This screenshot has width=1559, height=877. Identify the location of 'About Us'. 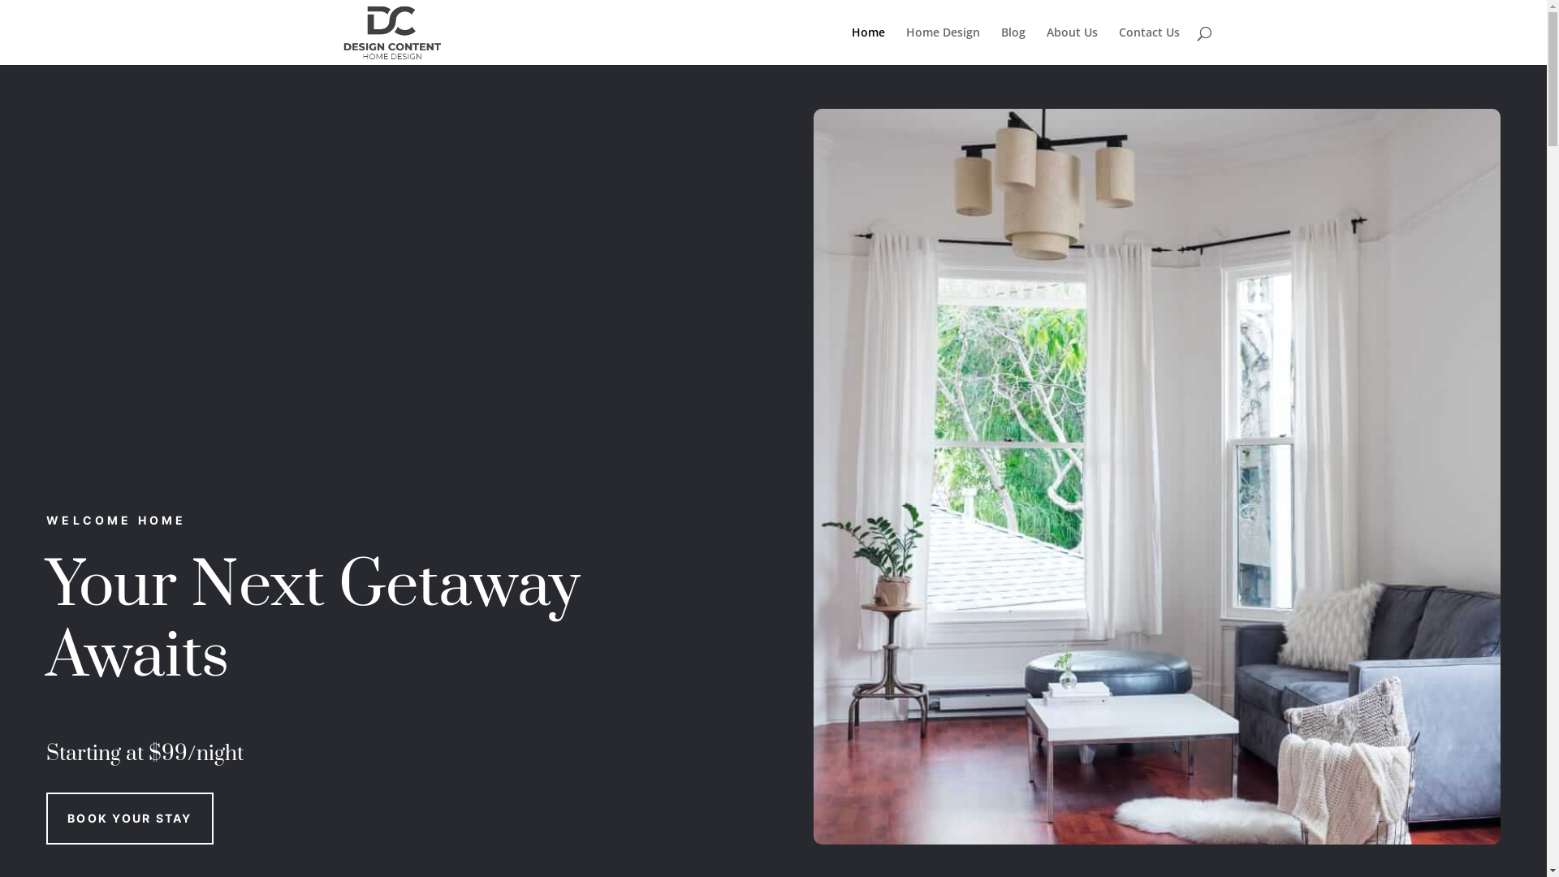
(1045, 45).